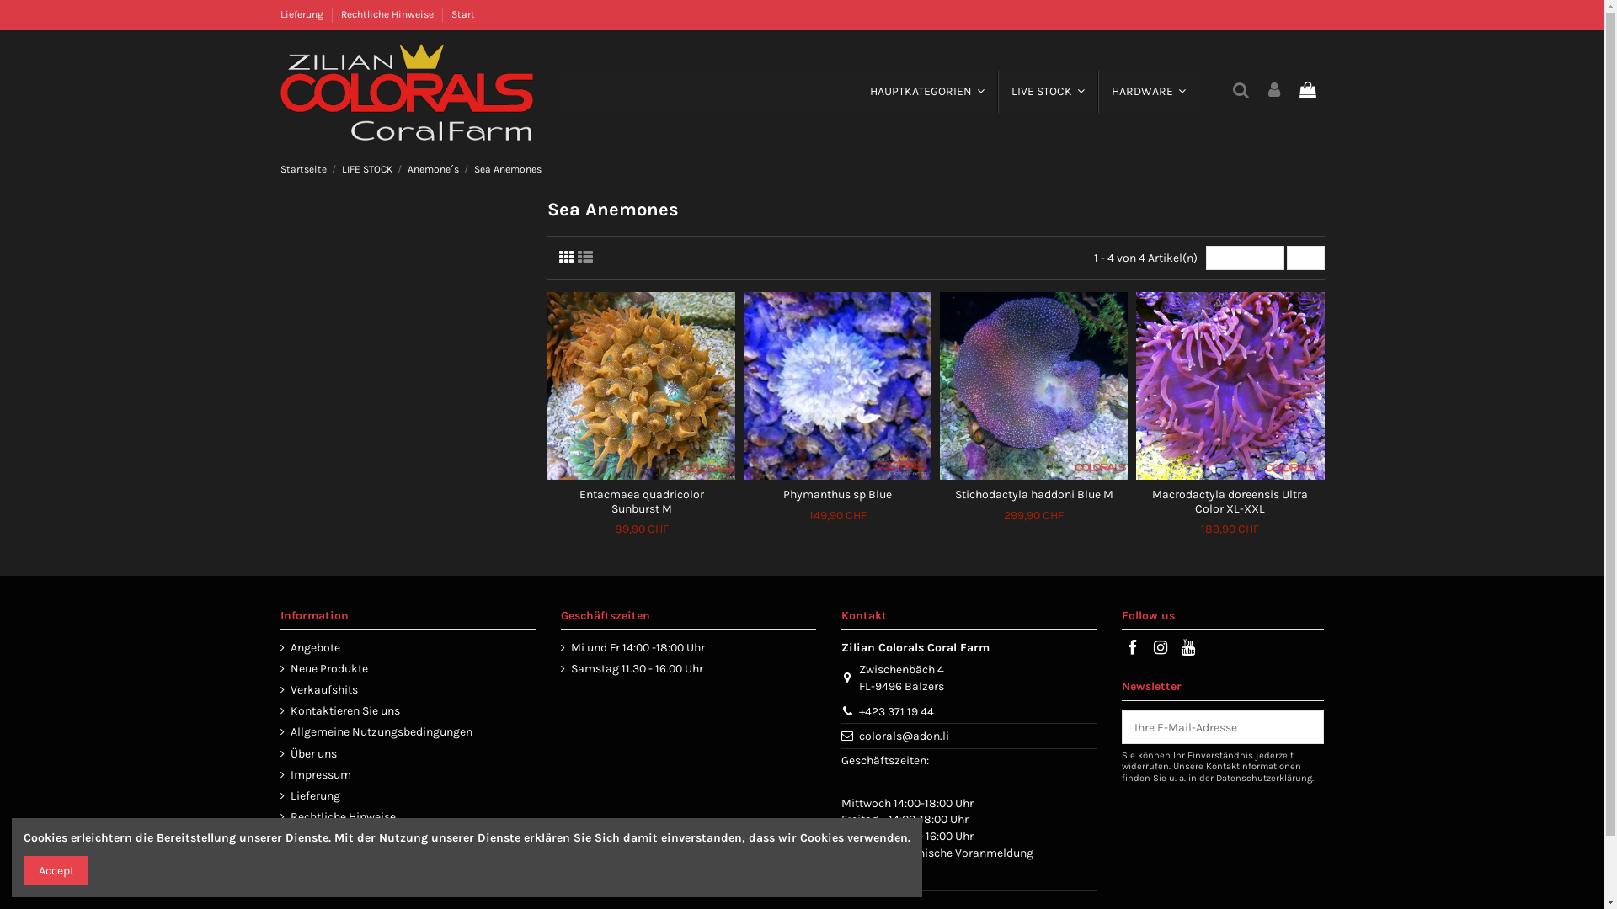 This screenshot has width=1617, height=909. Describe the element at coordinates (926, 91) in the screenshot. I see `'HAUPTKATEGORIEN'` at that location.